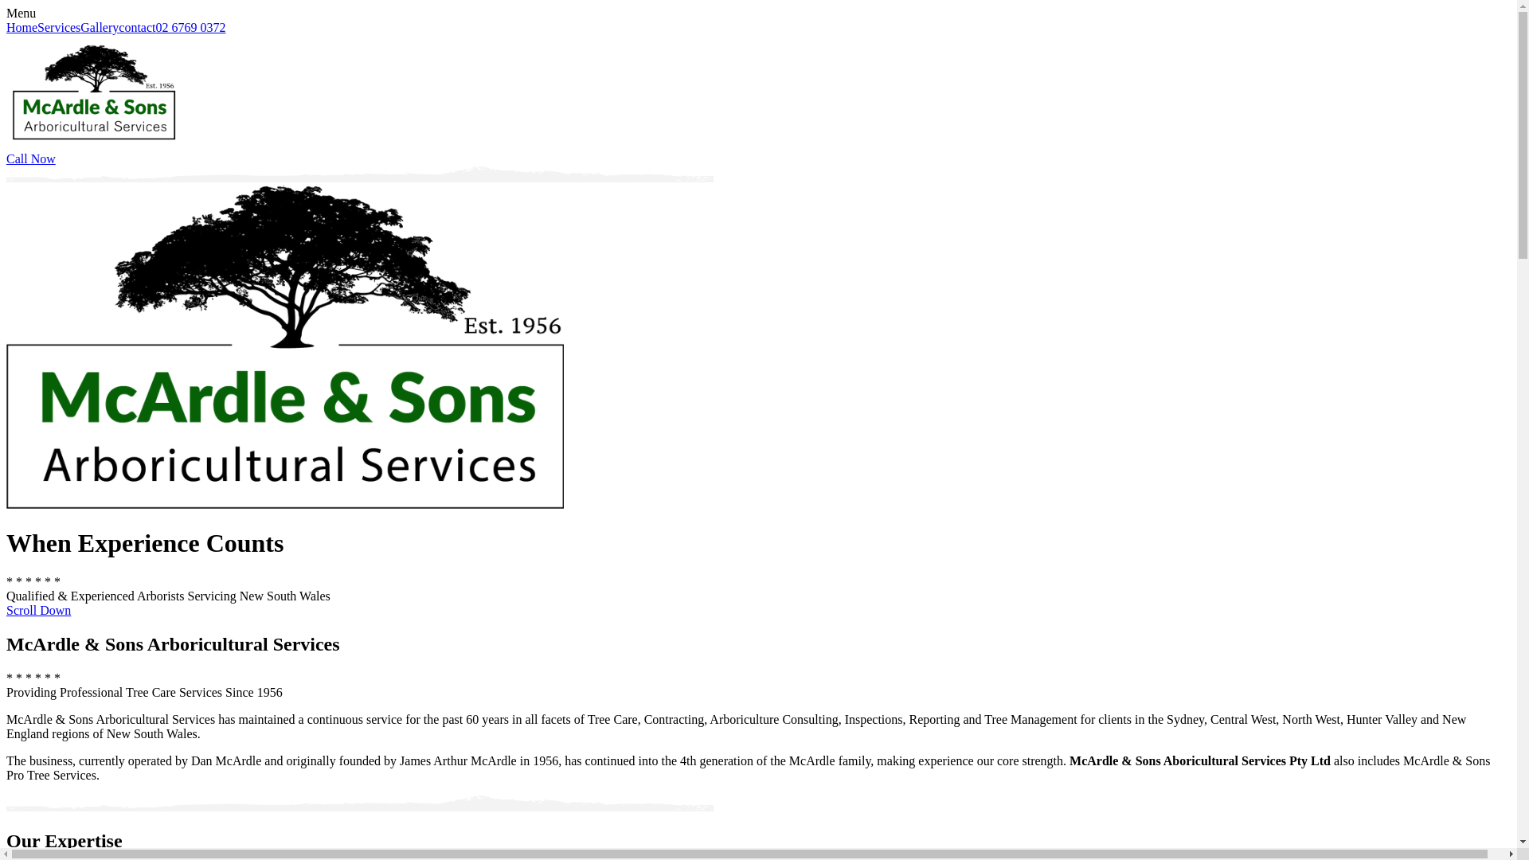 The image size is (1529, 860). Describe the element at coordinates (22, 27) in the screenshot. I see `'Home'` at that location.